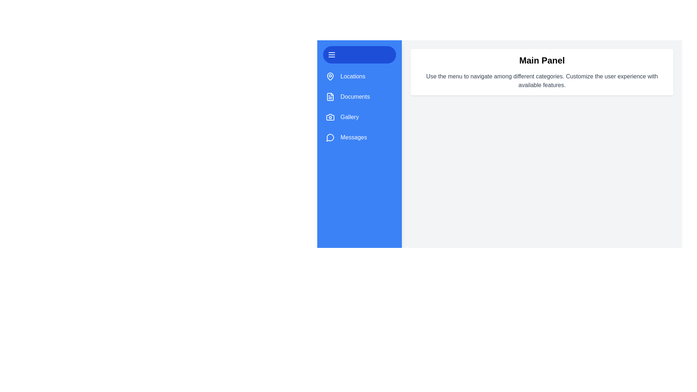 The image size is (697, 392). Describe the element at coordinates (341, 137) in the screenshot. I see `the category item Messages to visually interact with it` at that location.